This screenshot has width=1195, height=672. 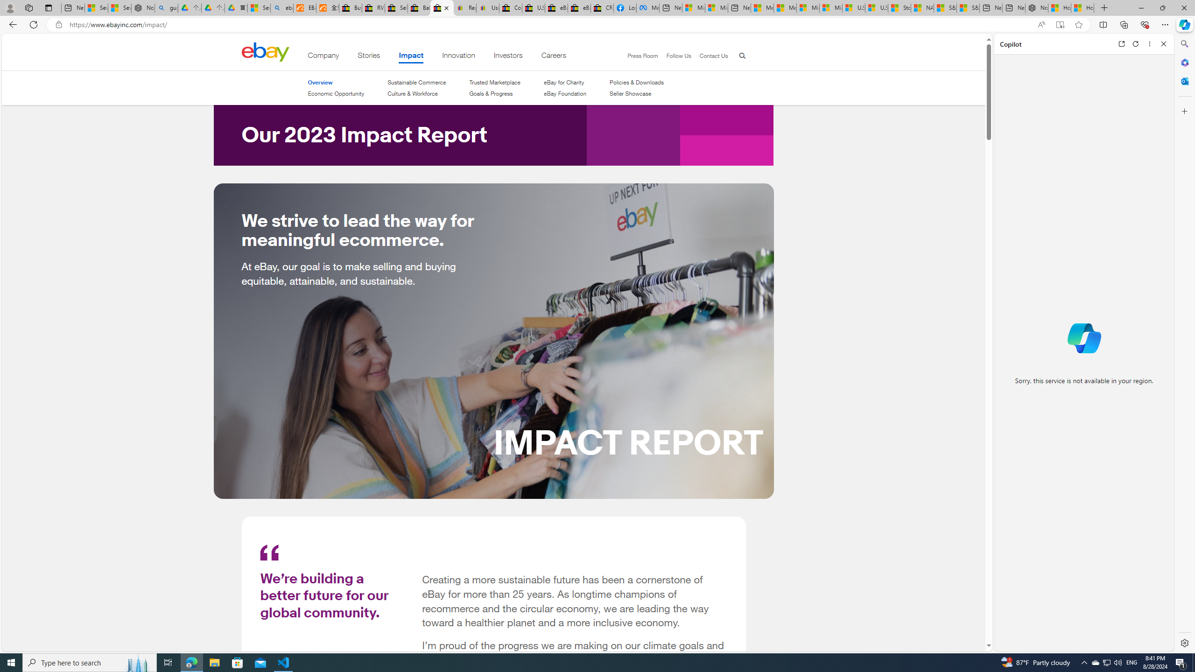 What do you see at coordinates (458, 57) in the screenshot?
I see `'Innovation'` at bounding box center [458, 57].